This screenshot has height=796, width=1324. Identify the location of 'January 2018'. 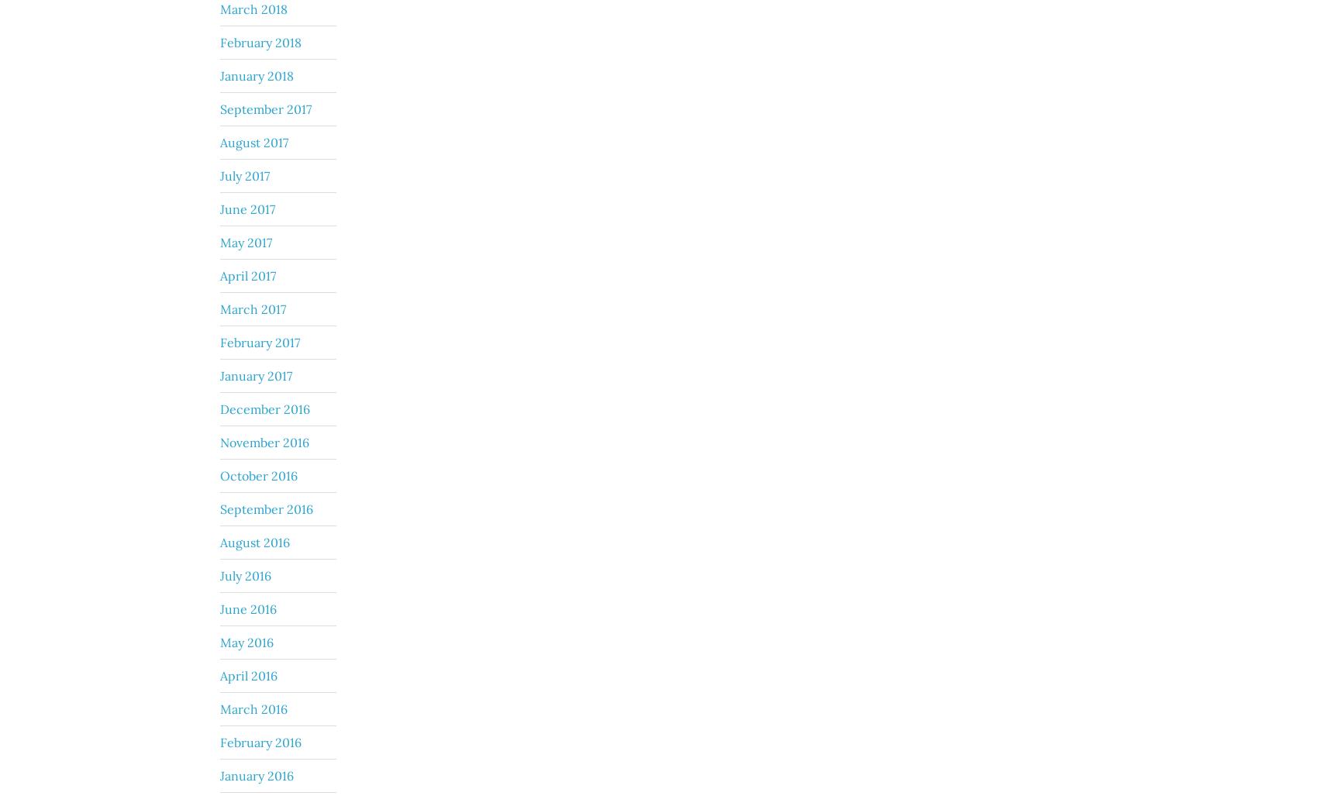
(257, 74).